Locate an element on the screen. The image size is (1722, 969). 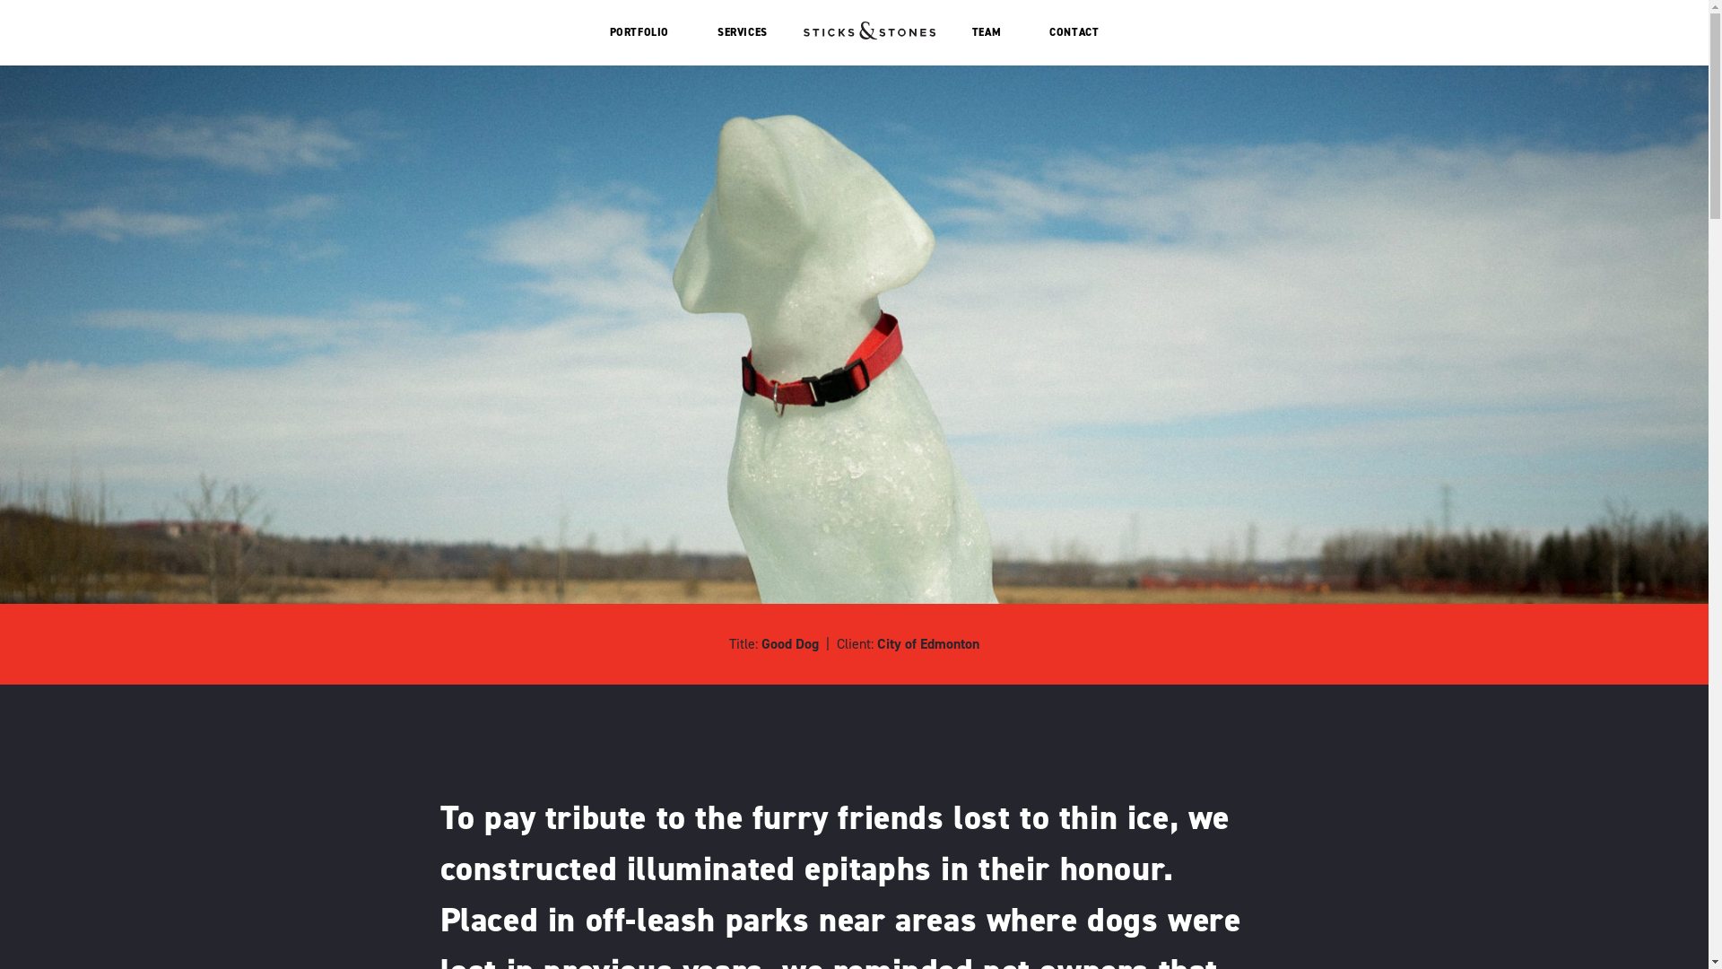
'PORTFOLIO' is located at coordinates (639, 32).